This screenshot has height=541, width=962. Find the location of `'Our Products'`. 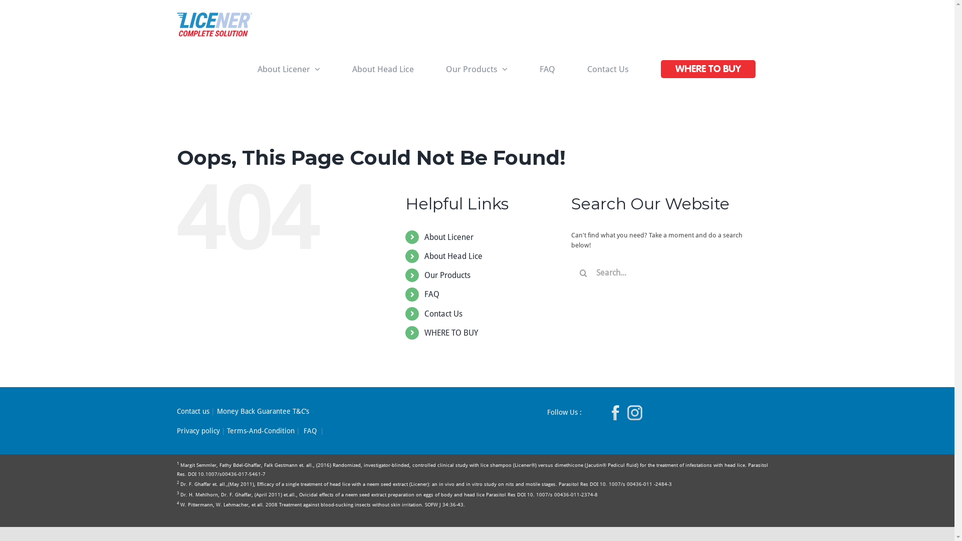

'Our Products' is located at coordinates (446, 275).